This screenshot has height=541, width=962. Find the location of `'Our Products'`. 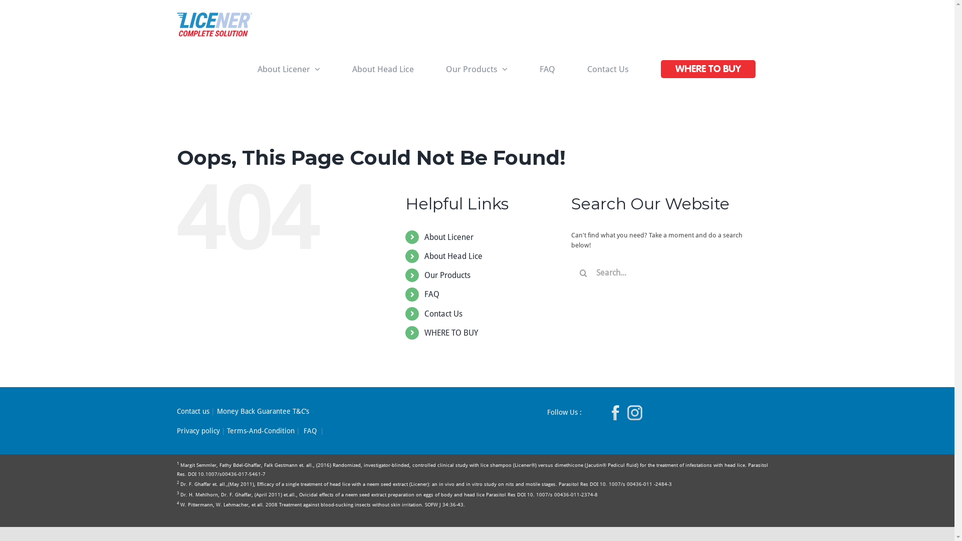

'Our Products' is located at coordinates (446, 275).